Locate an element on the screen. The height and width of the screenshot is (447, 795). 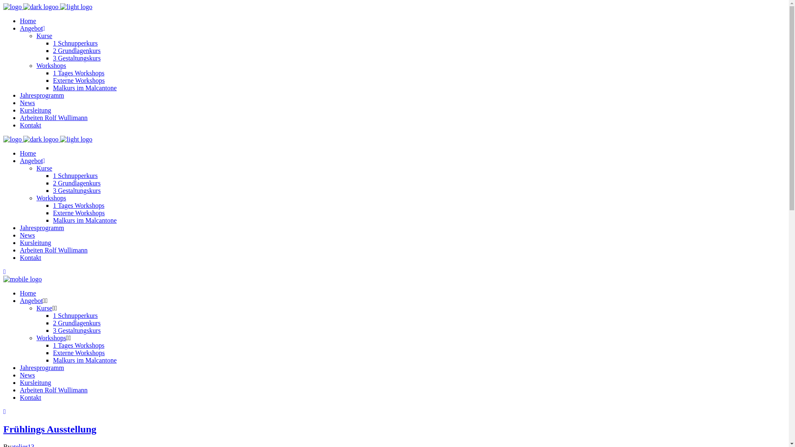
'Angebot' is located at coordinates (32, 28).